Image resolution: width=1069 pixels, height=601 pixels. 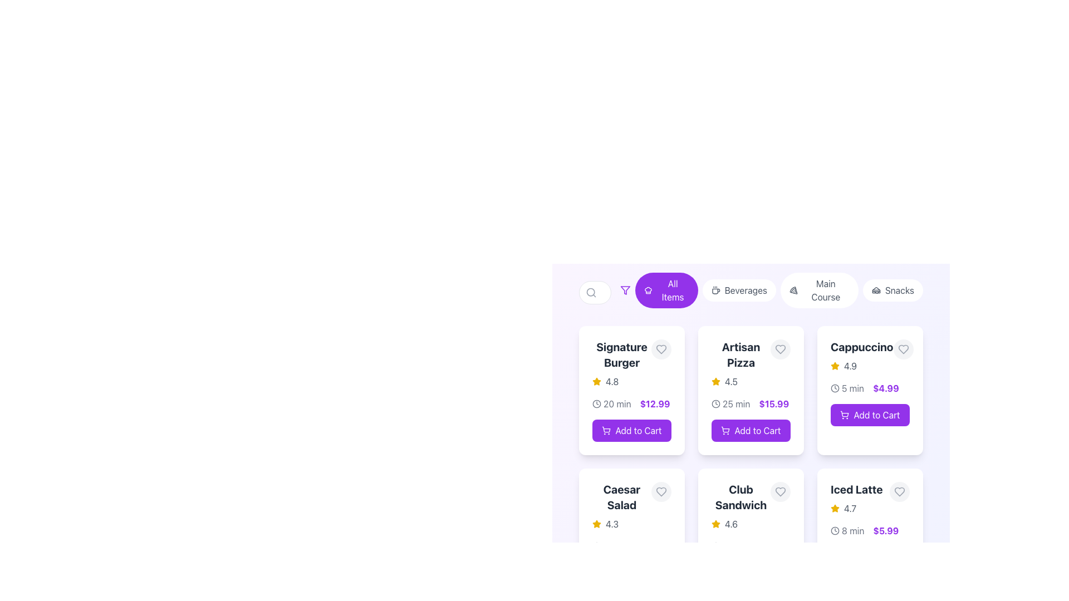 I want to click on the 'Add to Cart' button, which displays white text on a purple background, located in the lower section of the 'Cappuccino' product card, so click(x=876, y=415).